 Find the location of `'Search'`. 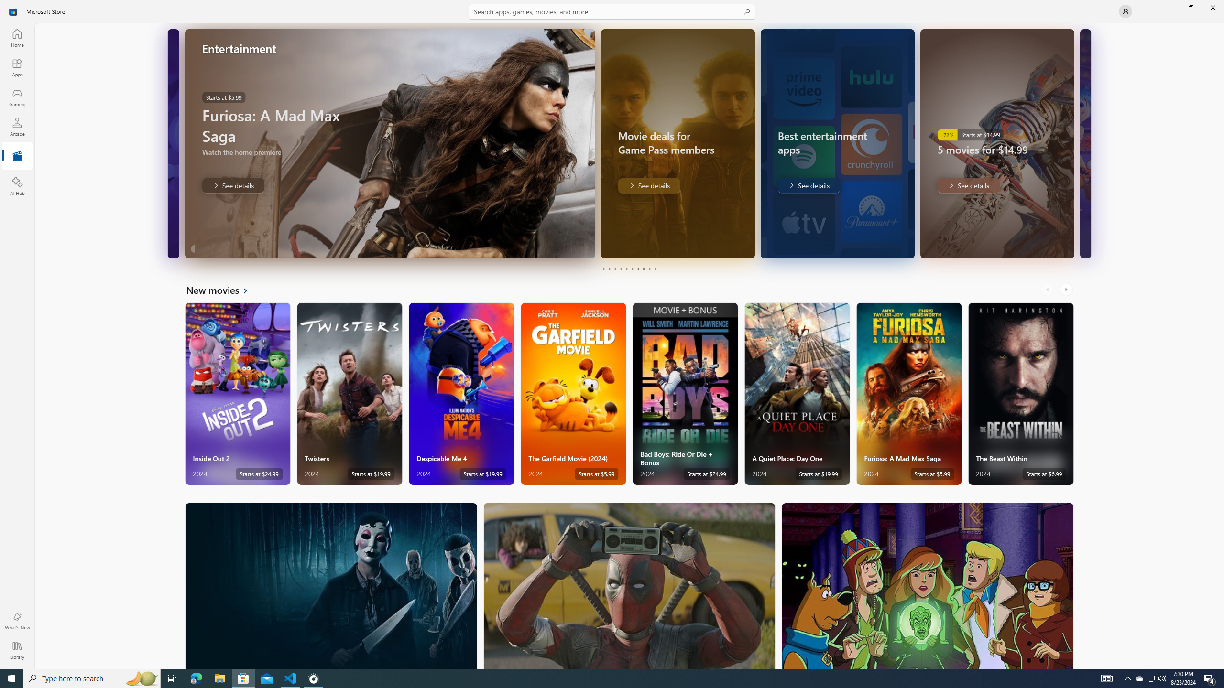

'Search' is located at coordinates (612, 11).